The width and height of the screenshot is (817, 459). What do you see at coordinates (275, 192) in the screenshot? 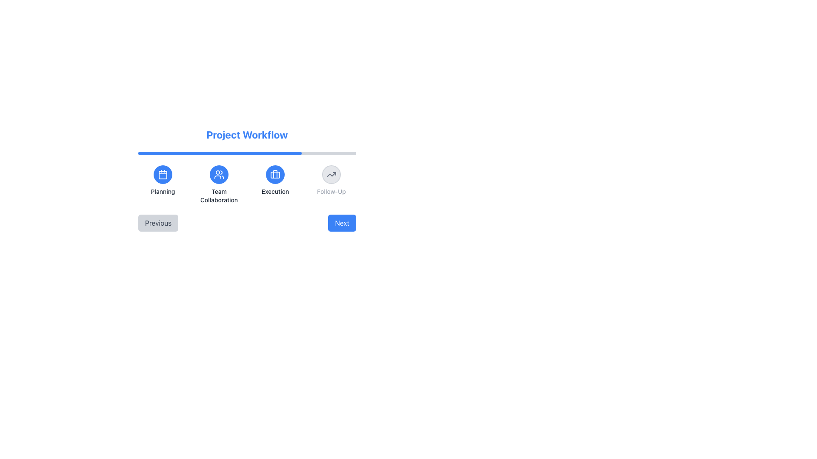
I see `the non-interactive text label that describes the third step in the workflow, positioned beneath the briefcase icon` at bounding box center [275, 192].